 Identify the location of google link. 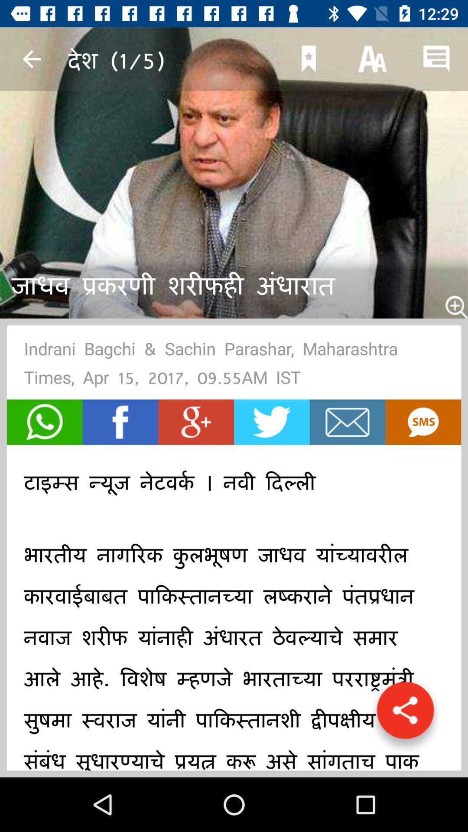
(196, 422).